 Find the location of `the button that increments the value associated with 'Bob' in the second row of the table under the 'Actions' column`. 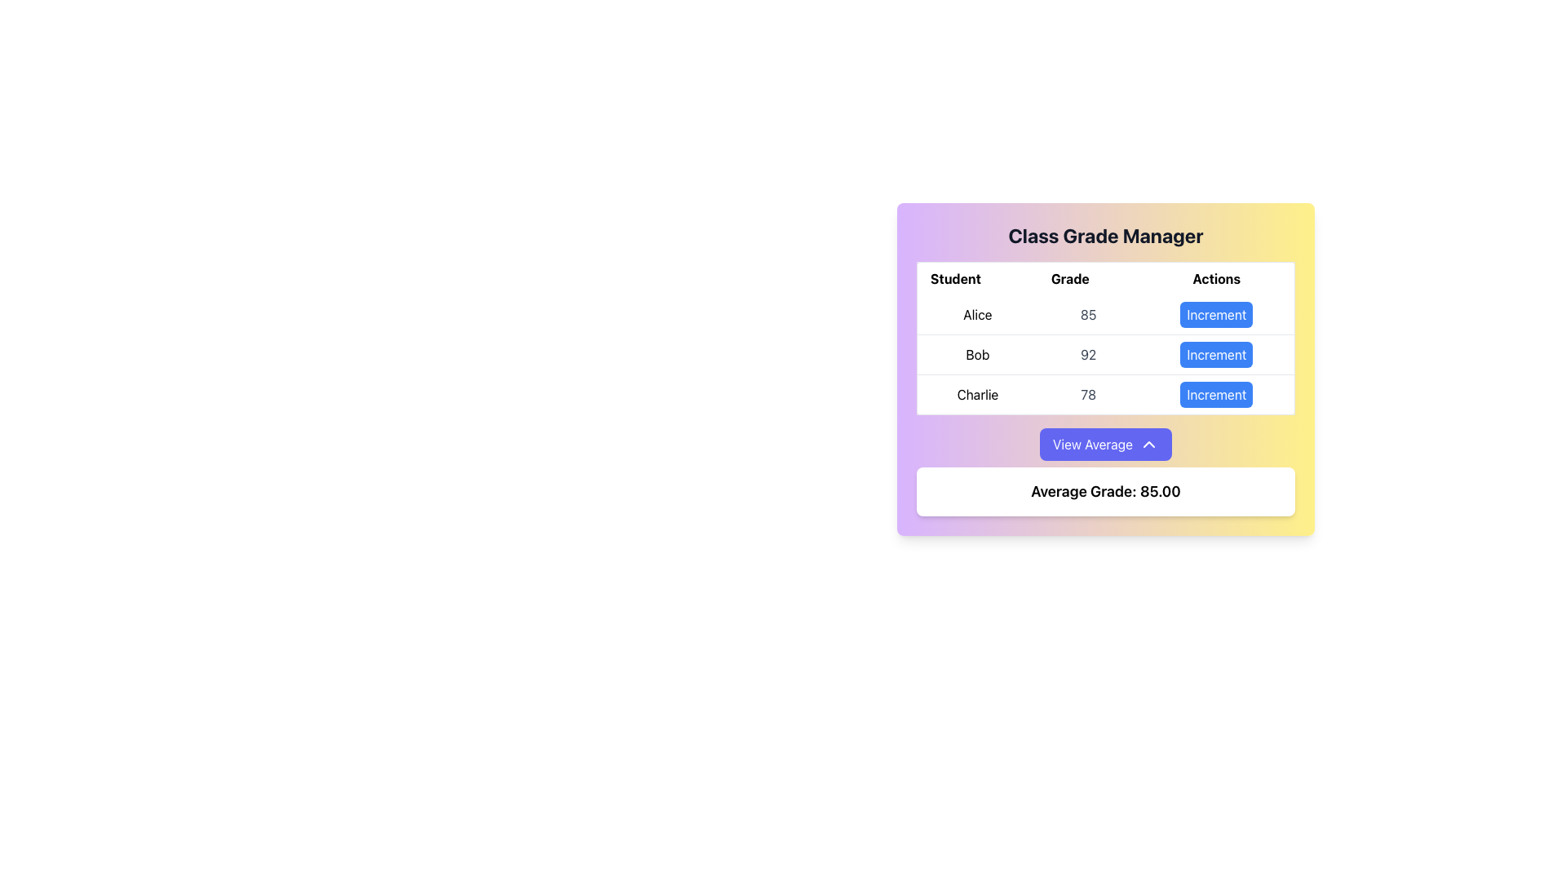

the button that increments the value associated with 'Bob' in the second row of the table under the 'Actions' column is located at coordinates (1216, 354).